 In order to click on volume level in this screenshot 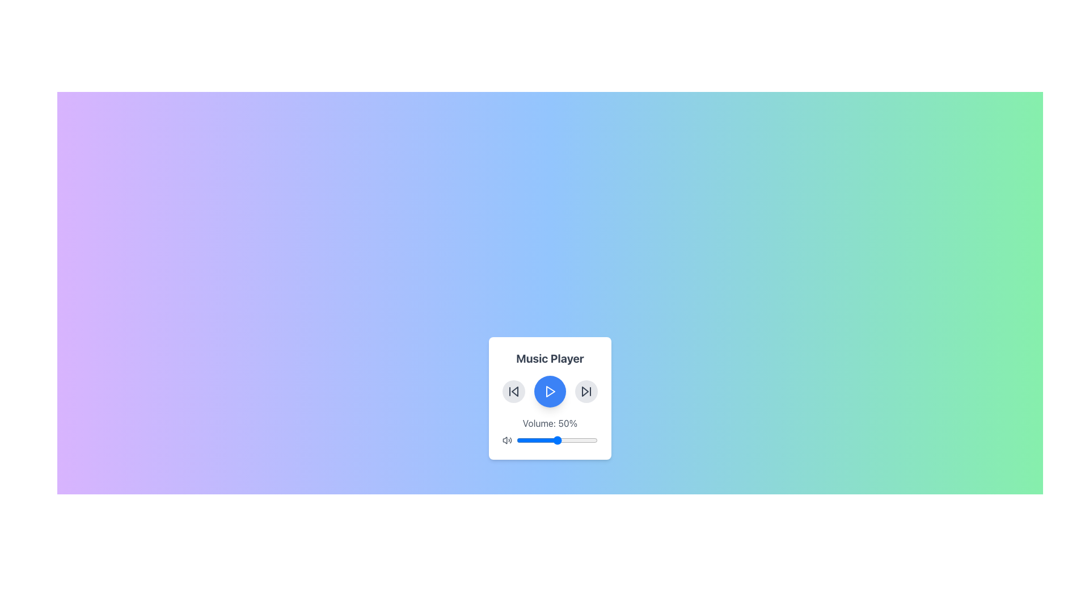, I will do `click(538, 439)`.